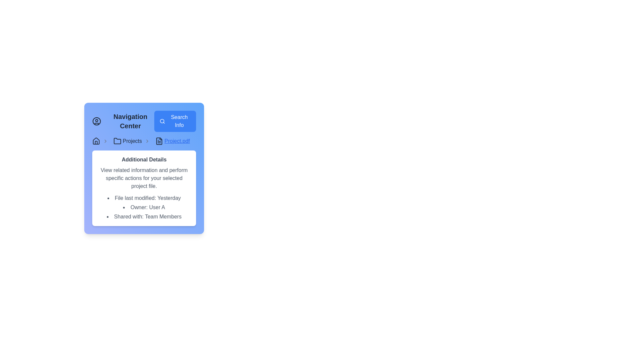 This screenshot has height=358, width=637. I want to click on the text element that informs users about available actions and purposes related to the selected project file, located within the 'Additional Details' section, so click(144, 178).